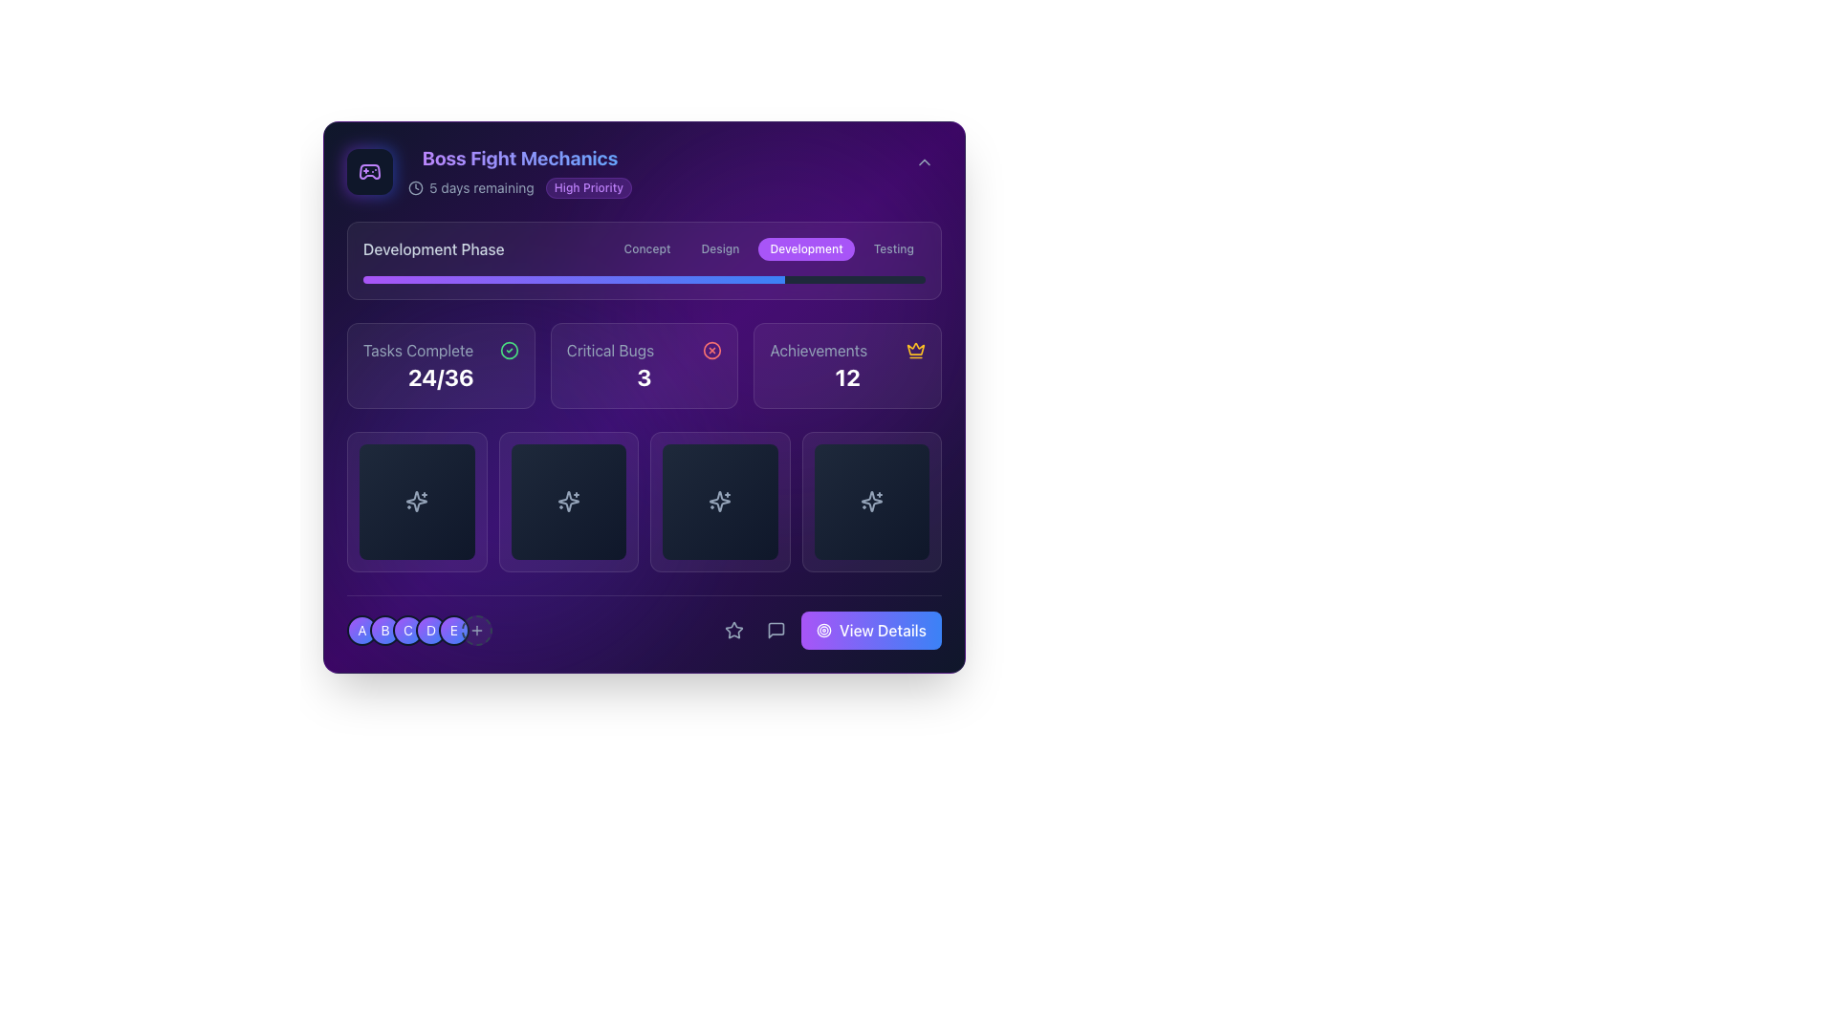  What do you see at coordinates (362, 630) in the screenshot?
I see `the first circular avatar button labeled 'A' with a gradient background transitioning from purple to blue and a white border, located at the bottom left of the interface` at bounding box center [362, 630].